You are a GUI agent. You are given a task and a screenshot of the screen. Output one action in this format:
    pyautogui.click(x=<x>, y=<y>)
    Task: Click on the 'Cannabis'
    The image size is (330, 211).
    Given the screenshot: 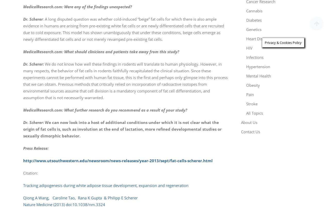 What is the action you would take?
    pyautogui.click(x=254, y=10)
    